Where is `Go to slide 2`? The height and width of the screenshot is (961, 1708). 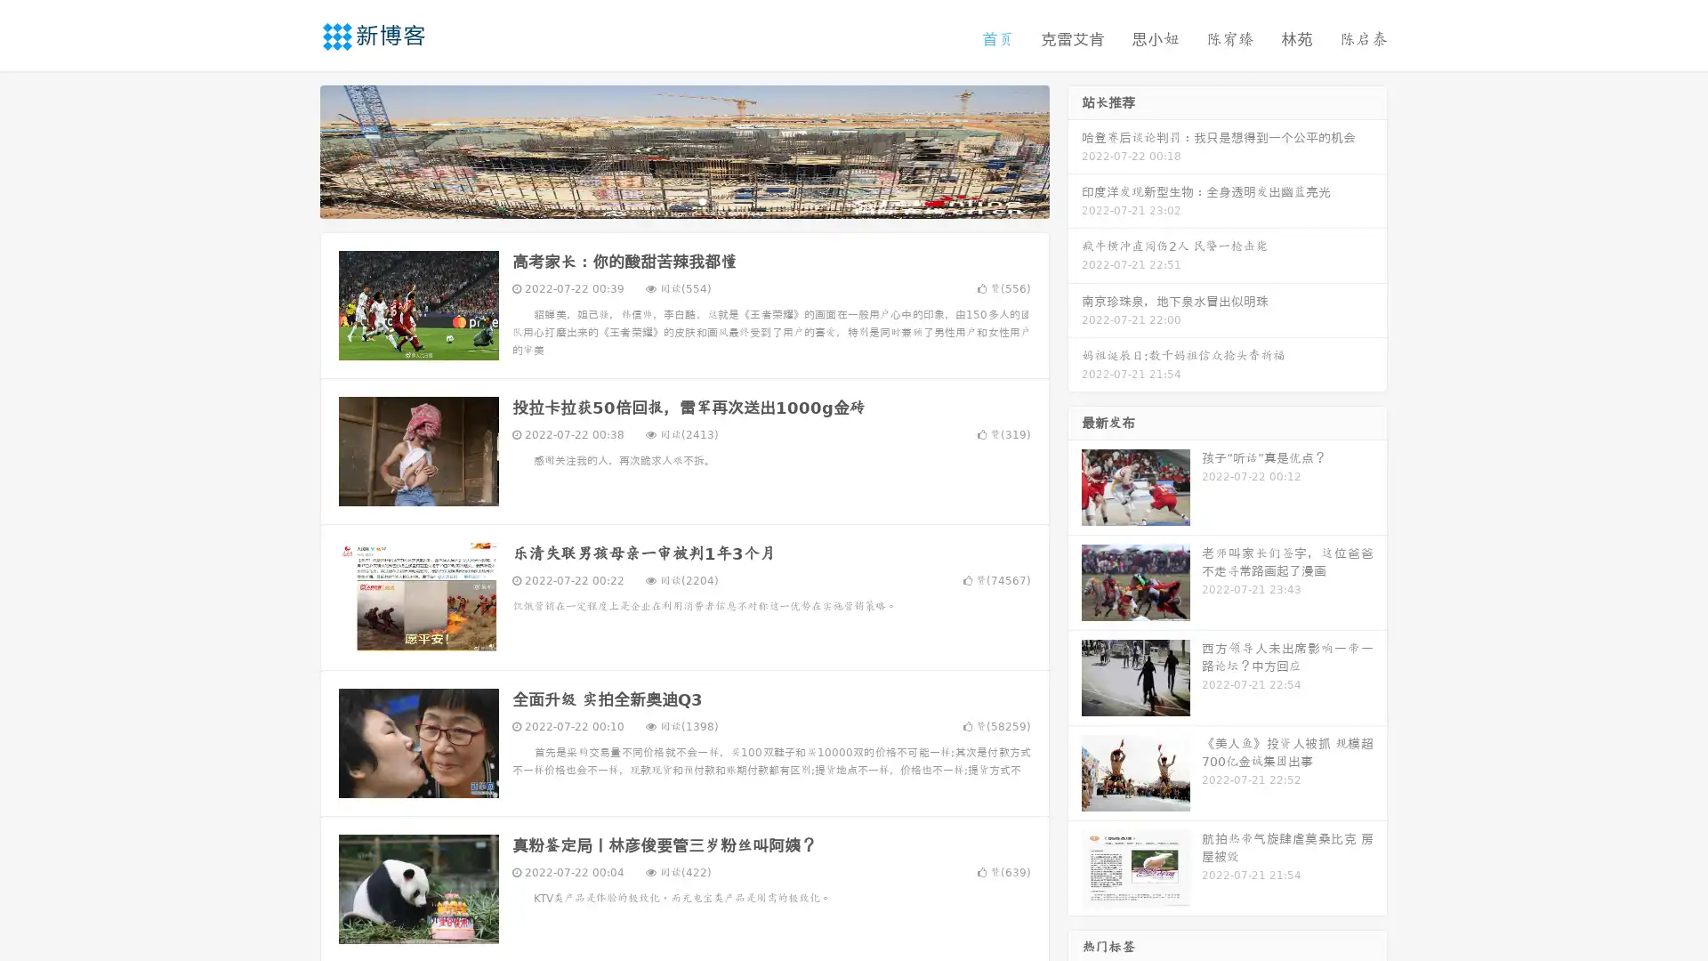
Go to slide 2 is located at coordinates (683, 200).